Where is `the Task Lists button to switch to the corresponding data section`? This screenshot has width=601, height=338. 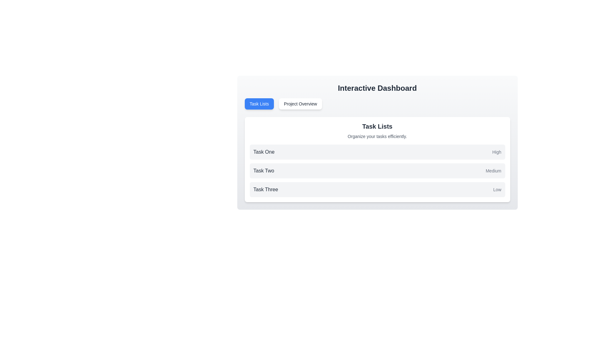
the Task Lists button to switch to the corresponding data section is located at coordinates (259, 103).